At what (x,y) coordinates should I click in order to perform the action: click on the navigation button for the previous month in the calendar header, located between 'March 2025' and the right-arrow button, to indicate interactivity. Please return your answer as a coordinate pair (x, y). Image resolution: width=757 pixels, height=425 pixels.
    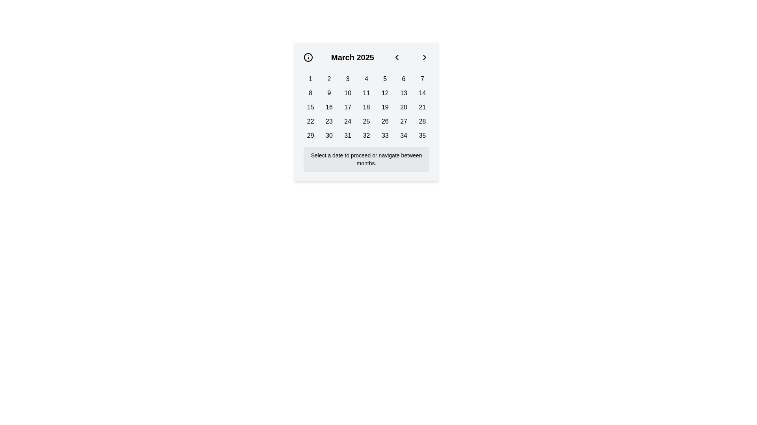
    Looking at the image, I should click on (397, 57).